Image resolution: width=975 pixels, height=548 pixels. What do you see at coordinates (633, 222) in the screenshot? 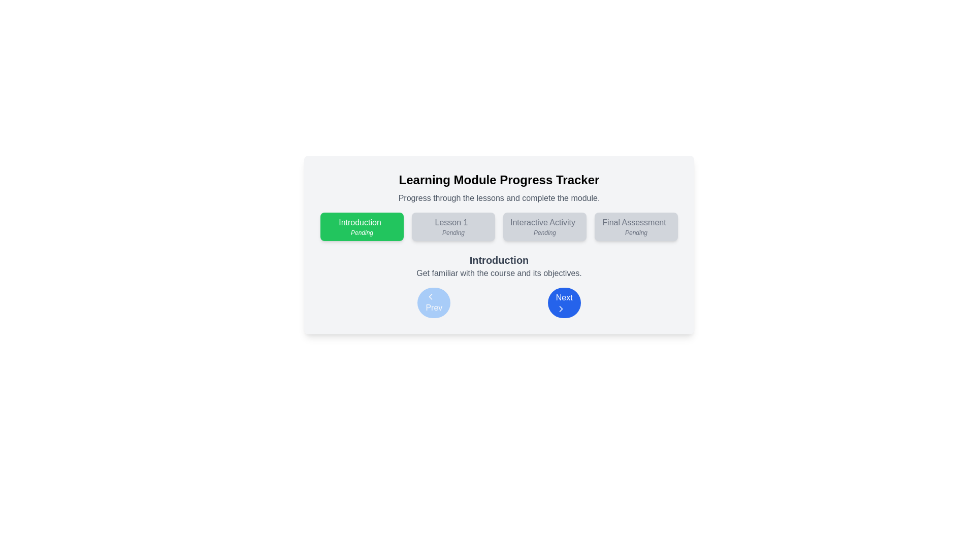
I see `the displayed text on the 'Final Assessment' step label in the module progress tracker, which is the fourth item in a horizontal series of steps` at bounding box center [633, 222].